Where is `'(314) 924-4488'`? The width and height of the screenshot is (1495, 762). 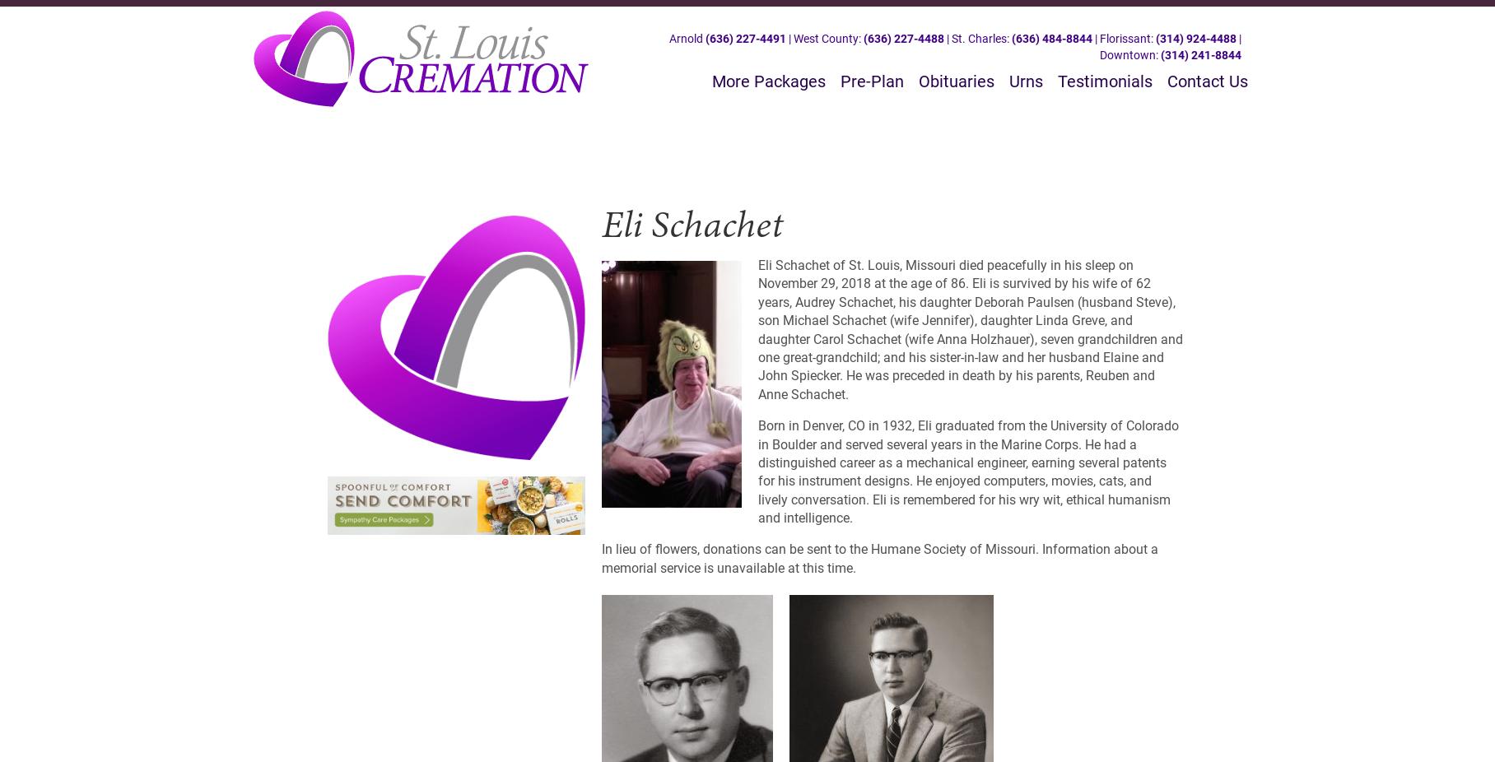 '(314) 924-4488' is located at coordinates (1155, 37).